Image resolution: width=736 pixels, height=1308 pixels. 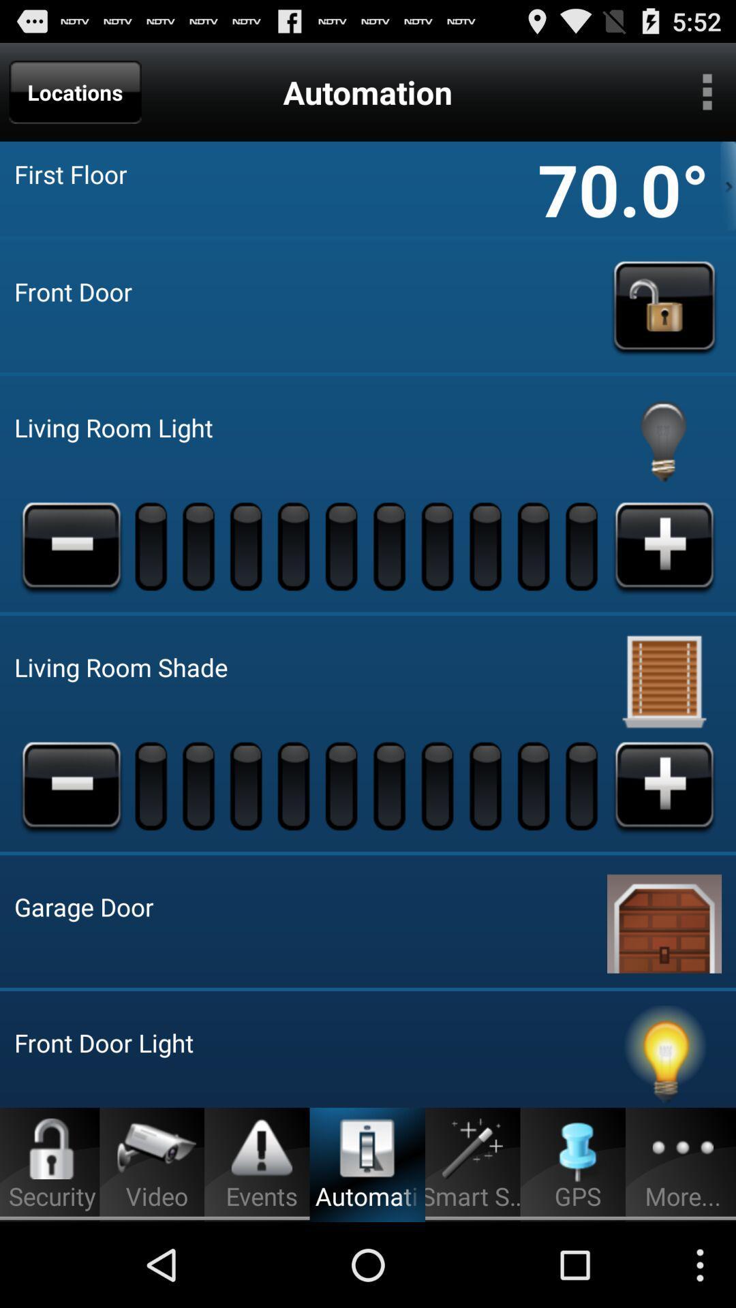 I want to click on open the shade, so click(x=664, y=785).